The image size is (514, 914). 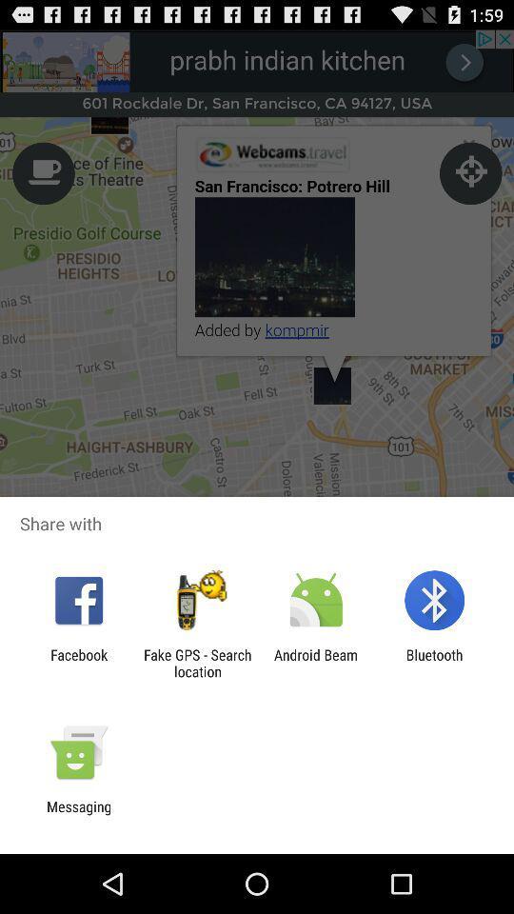 What do you see at coordinates (78, 814) in the screenshot?
I see `messaging icon` at bounding box center [78, 814].